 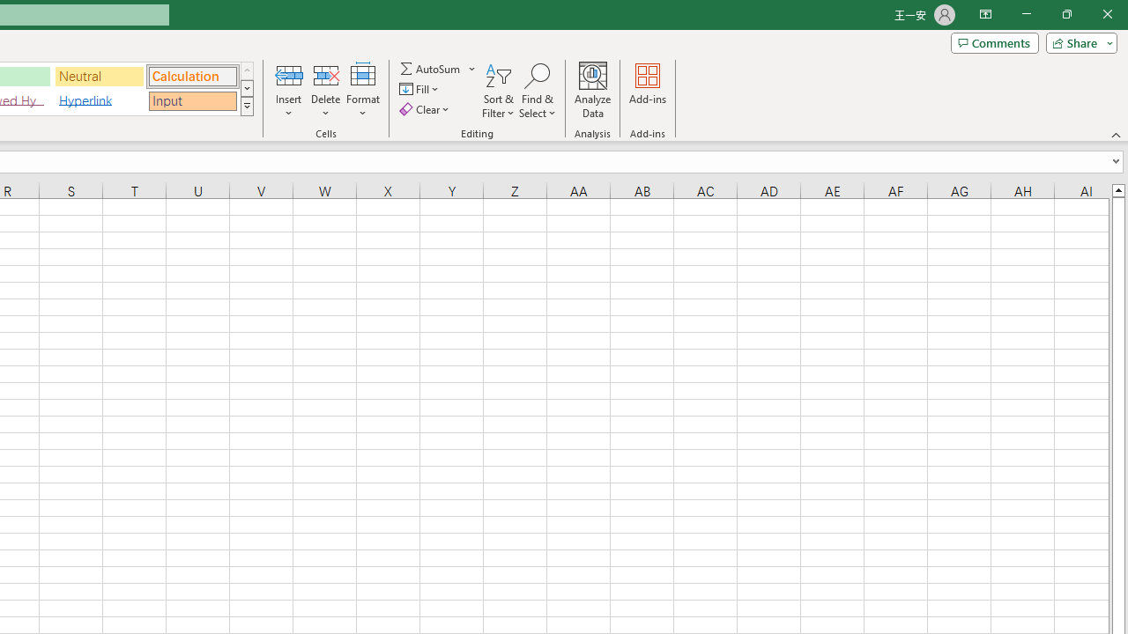 I want to click on 'Insert Cells', so click(x=289, y=74).